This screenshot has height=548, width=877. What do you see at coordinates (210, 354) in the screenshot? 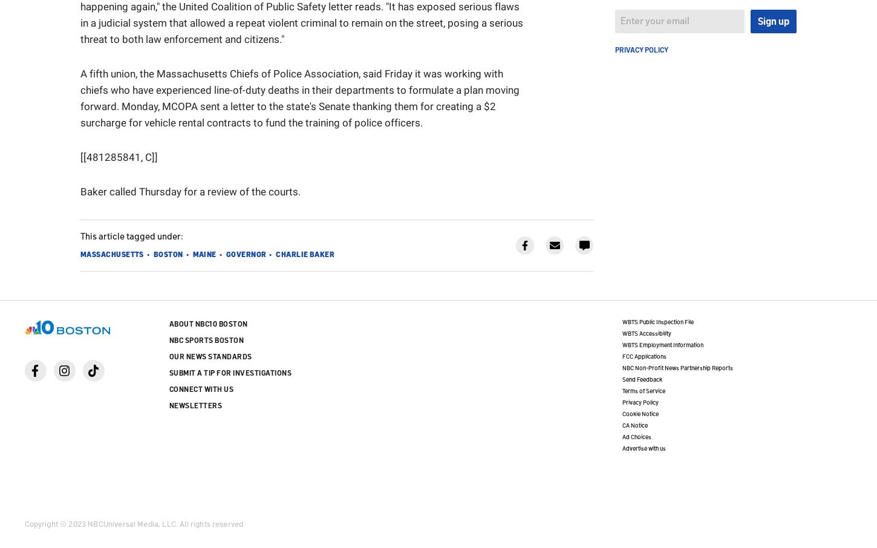
I see `'Our News Standards'` at bounding box center [210, 354].